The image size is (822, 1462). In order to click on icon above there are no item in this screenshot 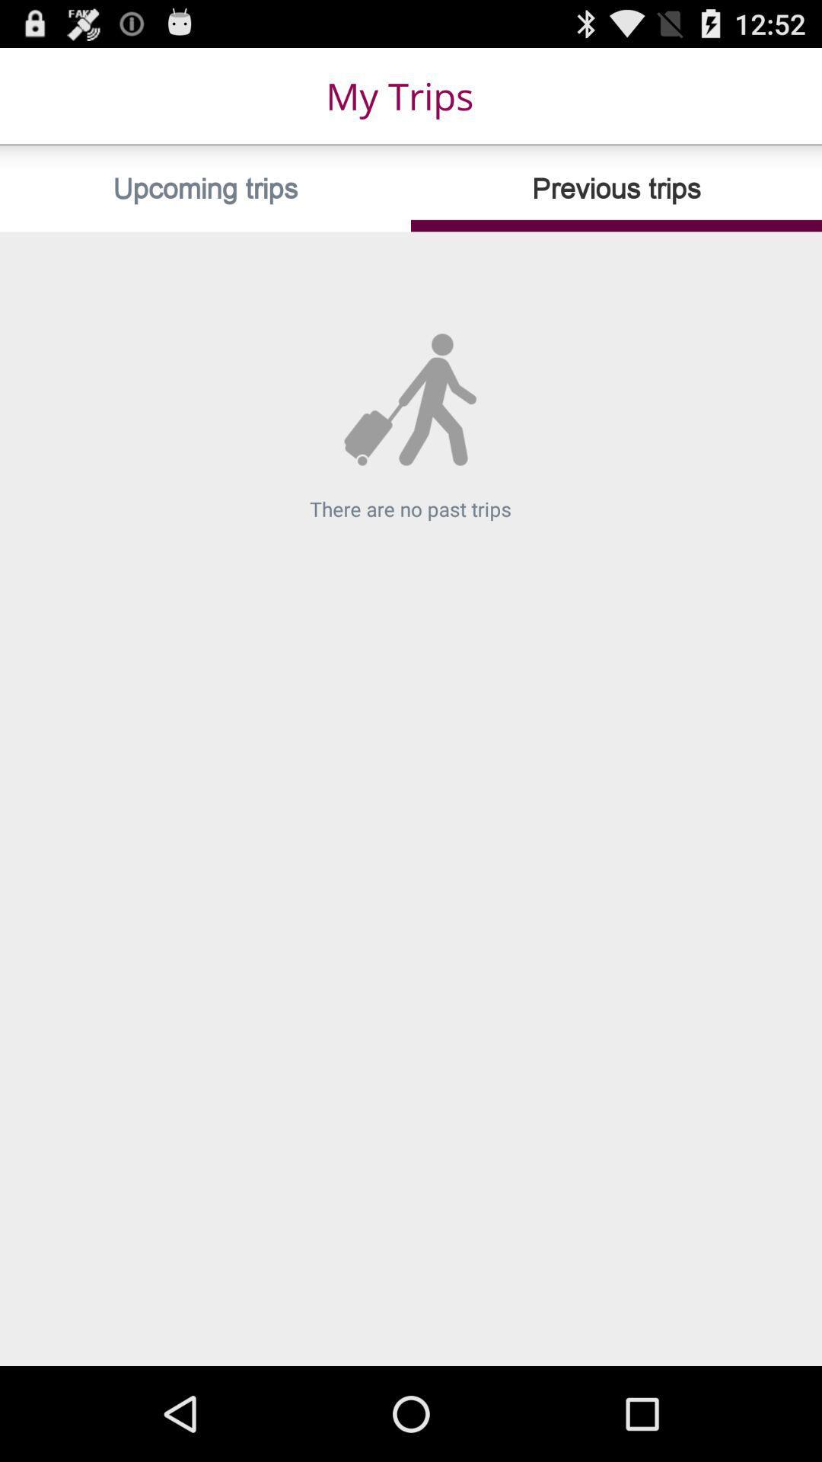, I will do `click(205, 188)`.